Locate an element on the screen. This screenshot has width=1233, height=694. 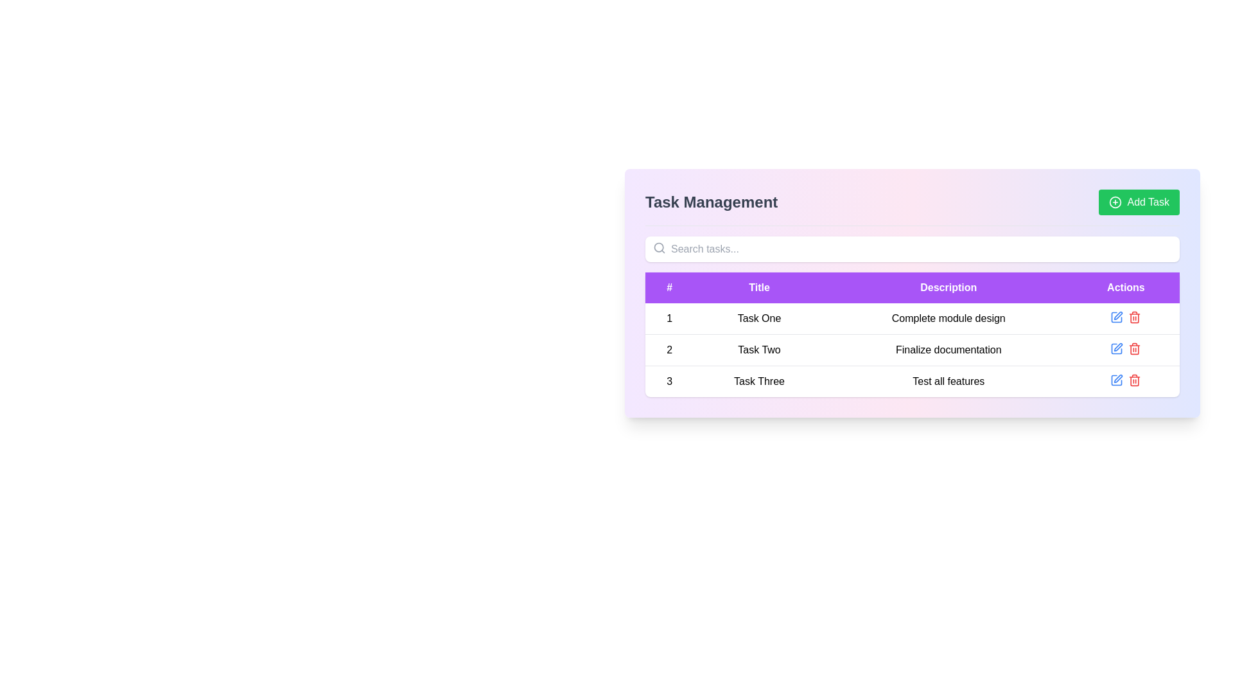
the Plain text label indicating the description of 'Task Two', located in the second row of the table under the 'Description' column is located at coordinates (949, 350).